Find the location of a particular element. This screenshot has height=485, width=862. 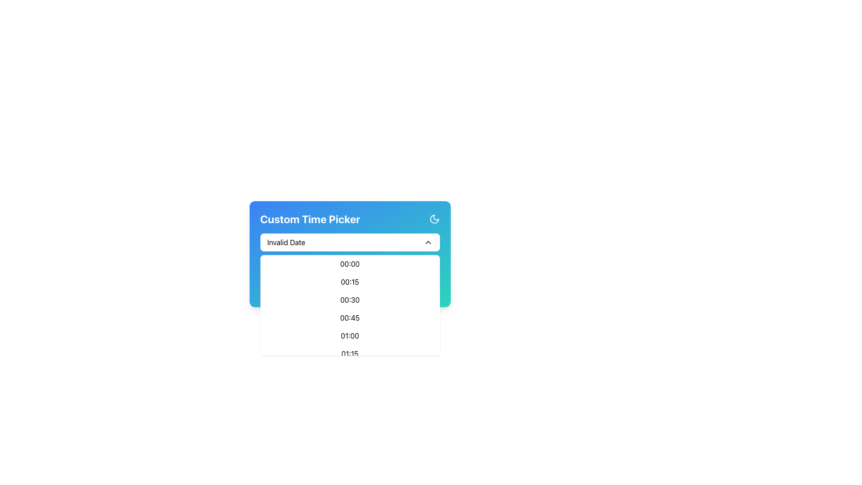

the fourth selectable time interval in the dropdown menu is located at coordinates (349, 317).